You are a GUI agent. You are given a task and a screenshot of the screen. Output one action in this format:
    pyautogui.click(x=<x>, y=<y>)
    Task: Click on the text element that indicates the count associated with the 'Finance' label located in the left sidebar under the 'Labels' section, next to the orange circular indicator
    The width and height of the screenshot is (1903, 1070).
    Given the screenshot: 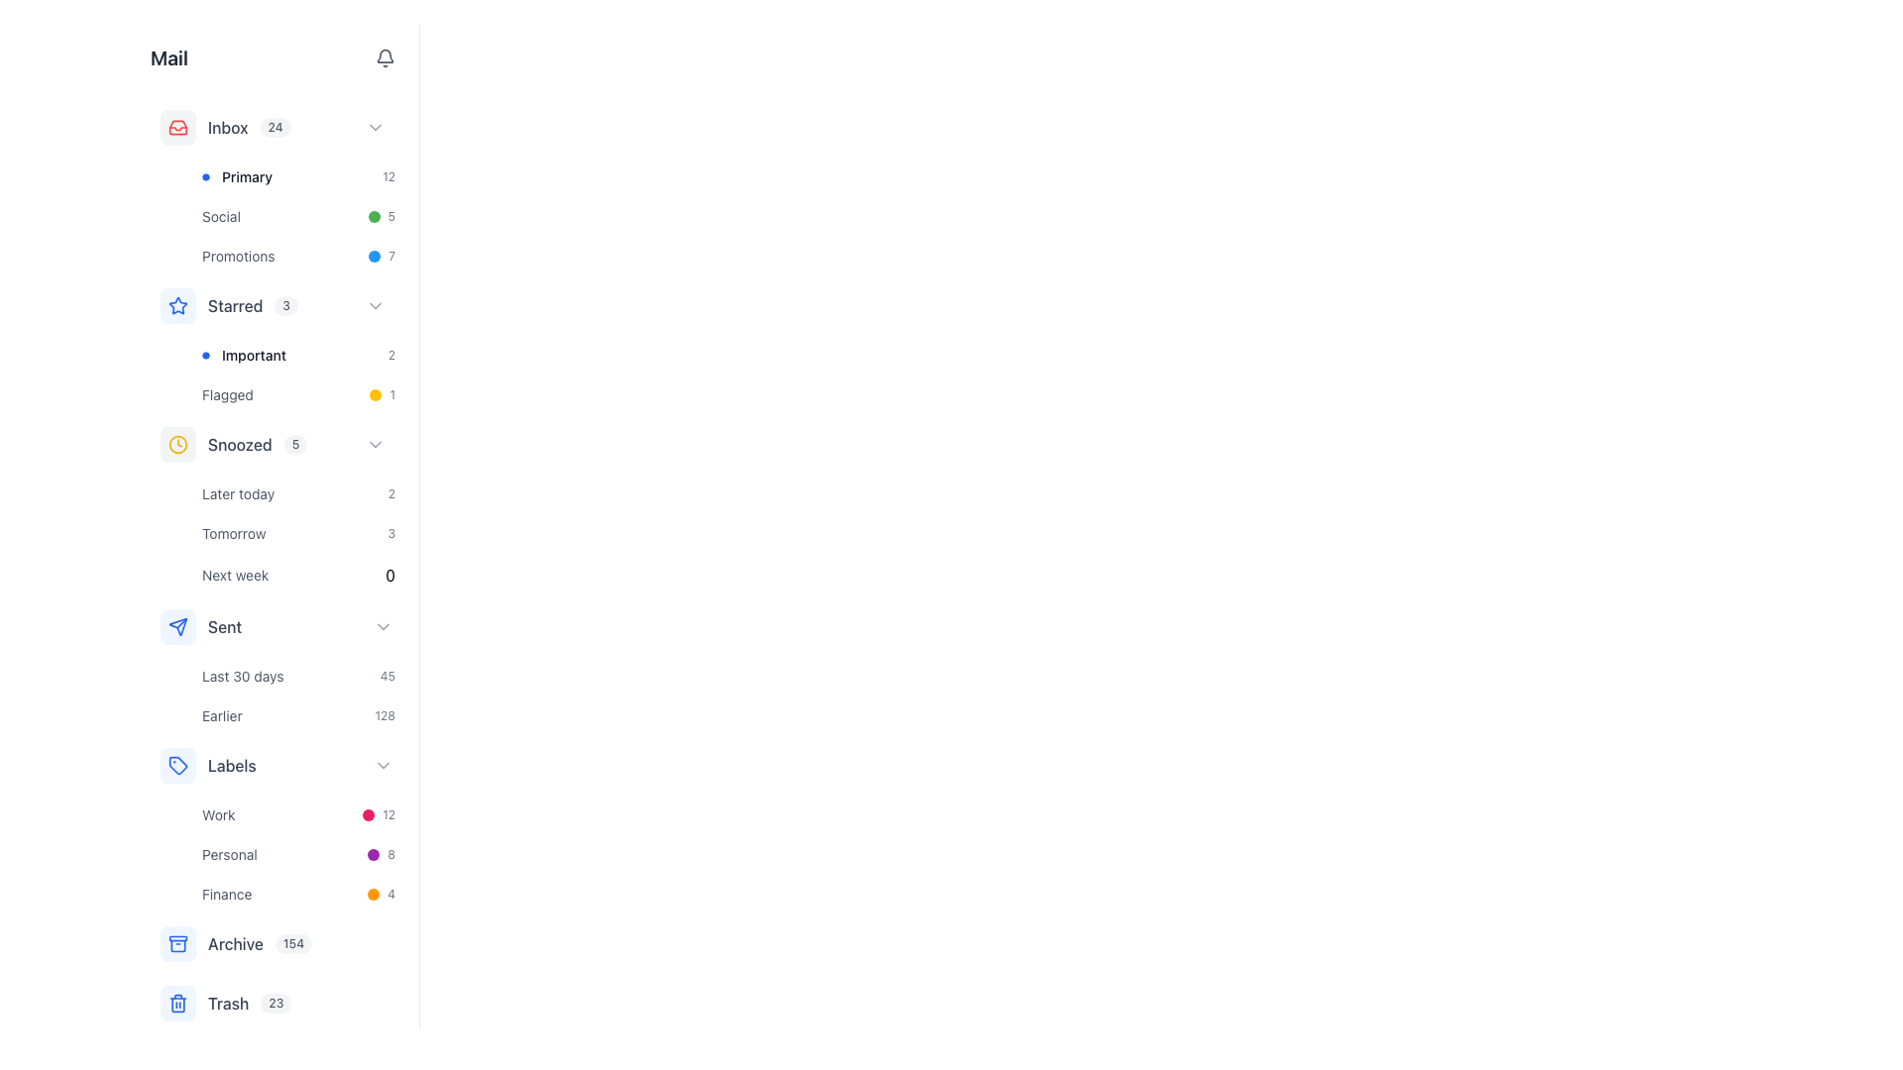 What is the action you would take?
    pyautogui.click(x=392, y=894)
    